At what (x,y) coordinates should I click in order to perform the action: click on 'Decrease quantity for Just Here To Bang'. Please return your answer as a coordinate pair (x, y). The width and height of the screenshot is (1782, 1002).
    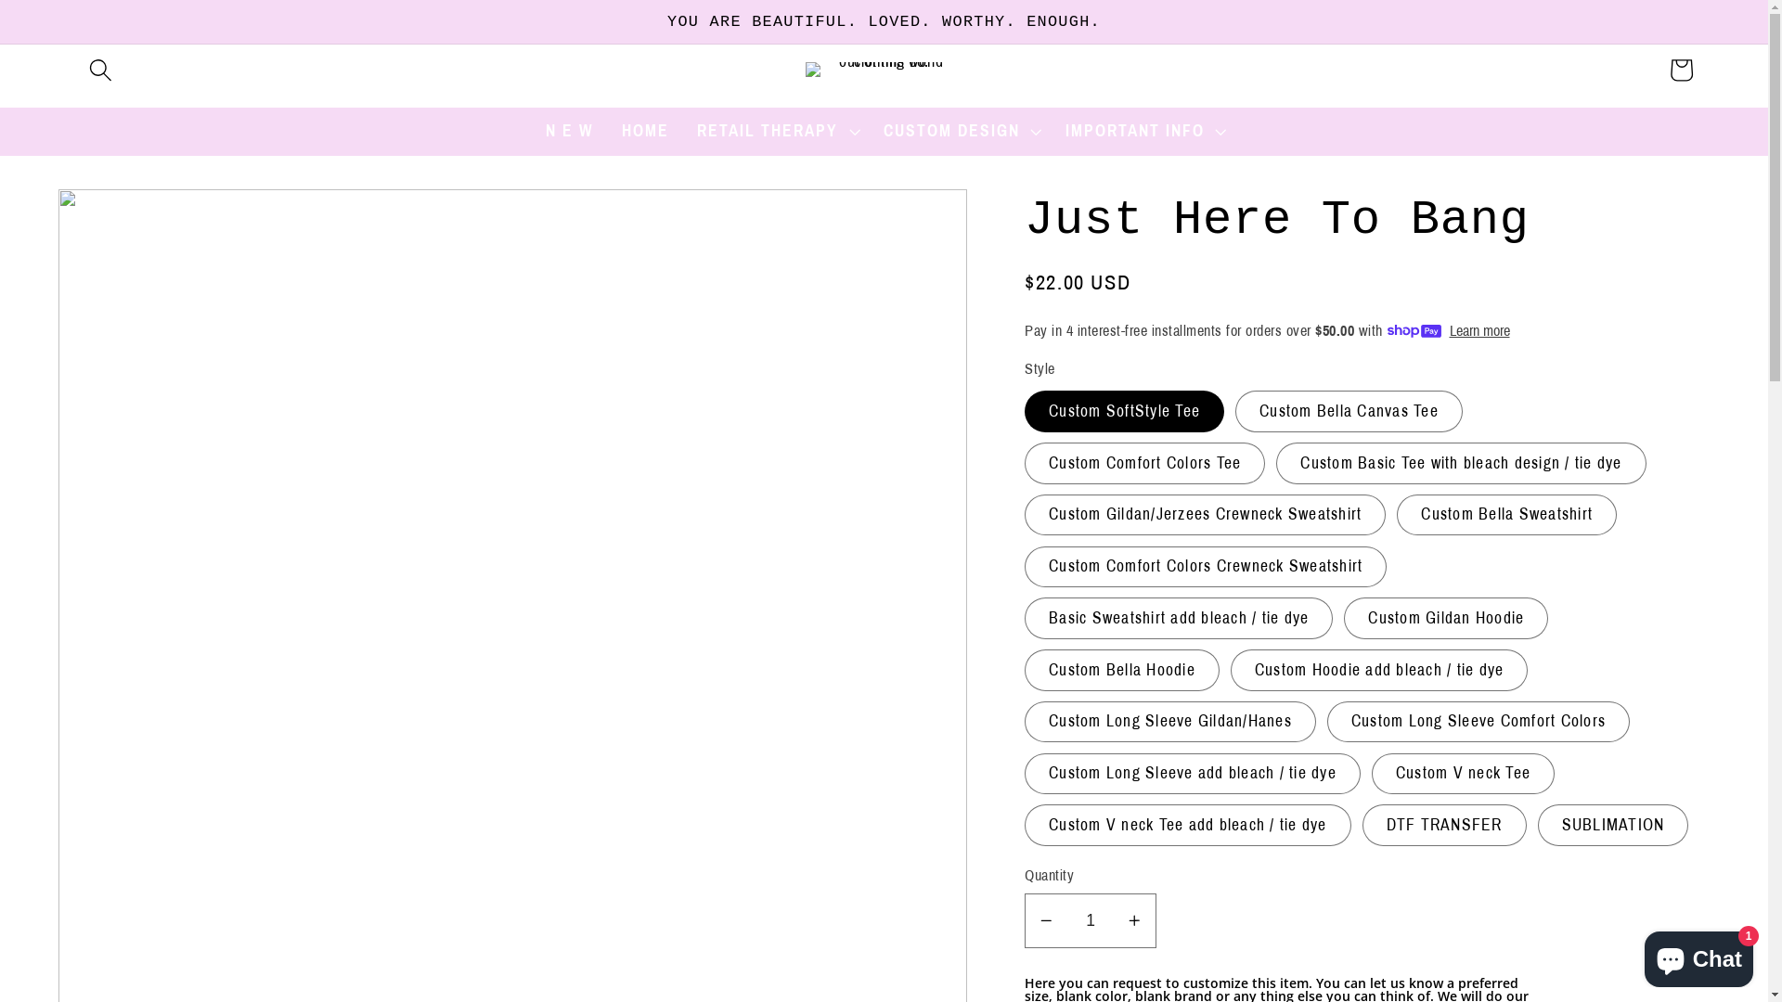
    Looking at the image, I should click on (1046, 919).